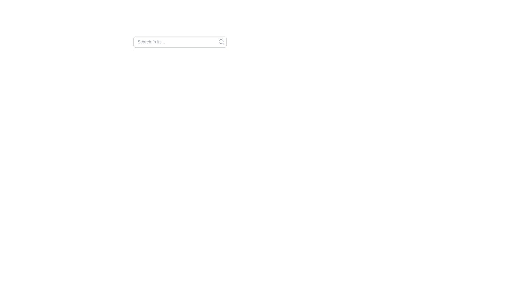  I want to click on the search icon located in the top-right corner of the 'Search fruits...' text input field to initiate the search action, so click(221, 42).